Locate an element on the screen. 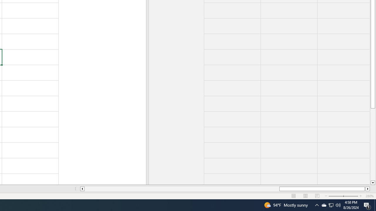 This screenshot has width=376, height=211. 'Page Break Preview' is located at coordinates (317, 196).